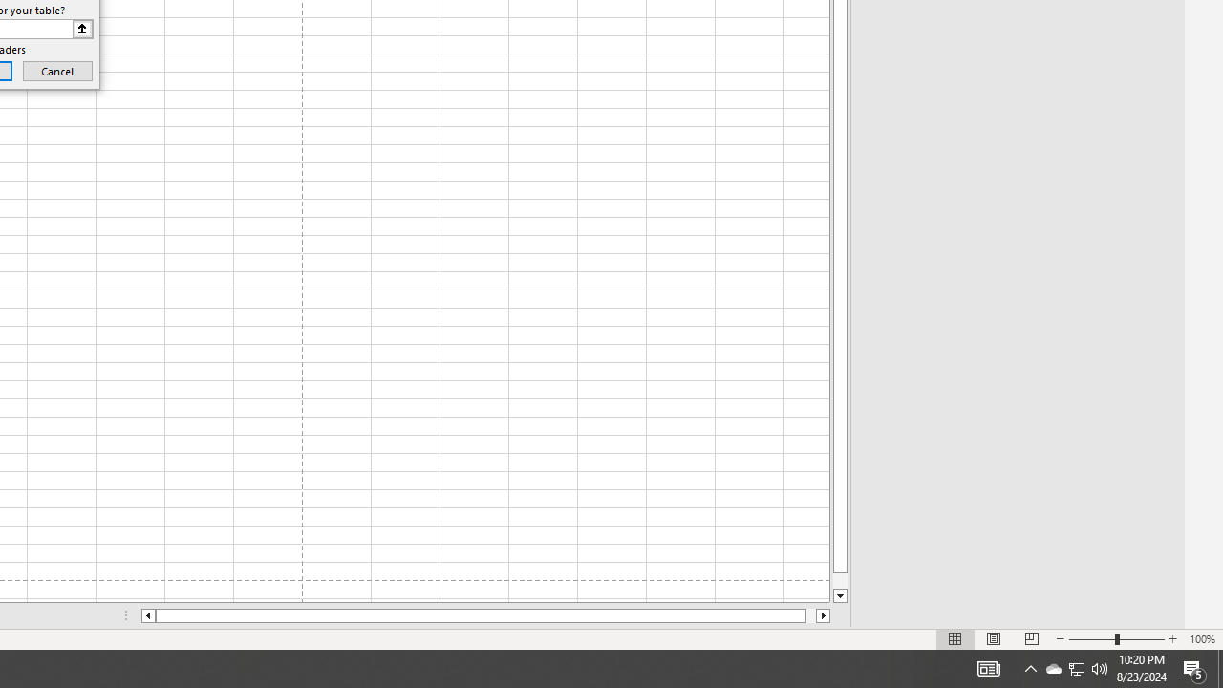 The width and height of the screenshot is (1223, 688). Describe the element at coordinates (146, 615) in the screenshot. I see `'Column left'` at that location.